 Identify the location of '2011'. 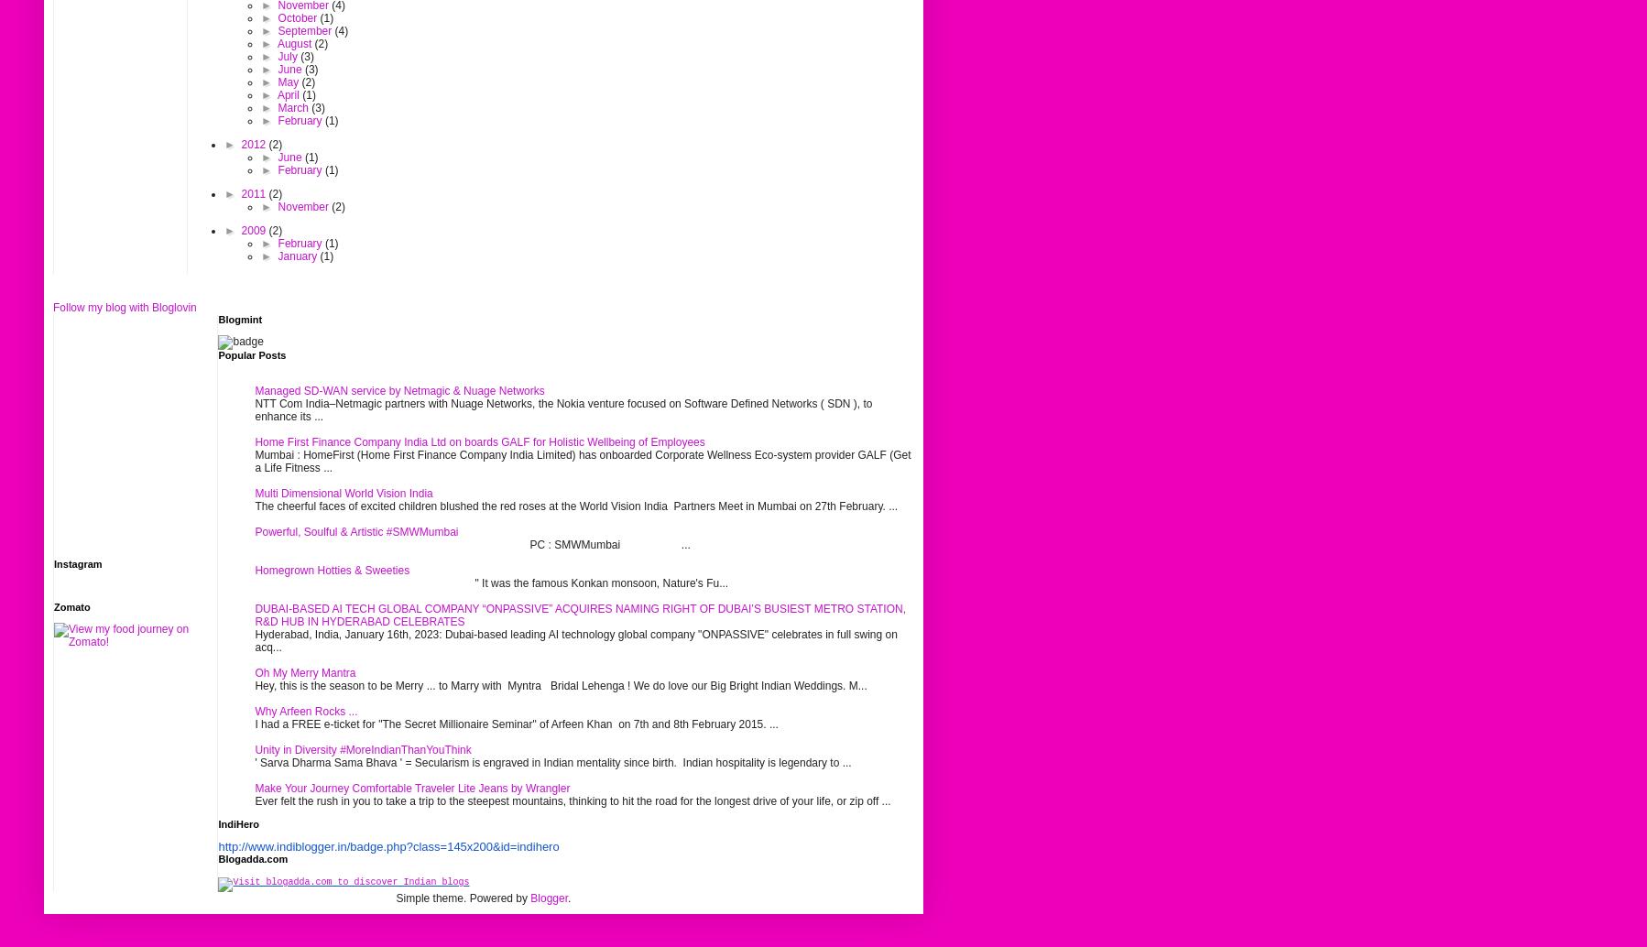
(254, 193).